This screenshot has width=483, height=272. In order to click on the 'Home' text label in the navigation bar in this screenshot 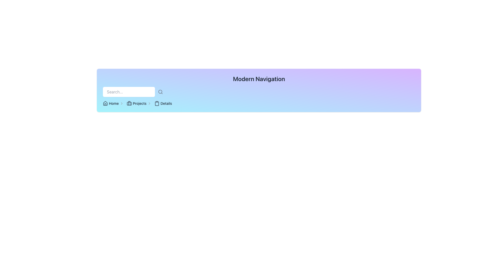, I will do `click(113, 103)`.